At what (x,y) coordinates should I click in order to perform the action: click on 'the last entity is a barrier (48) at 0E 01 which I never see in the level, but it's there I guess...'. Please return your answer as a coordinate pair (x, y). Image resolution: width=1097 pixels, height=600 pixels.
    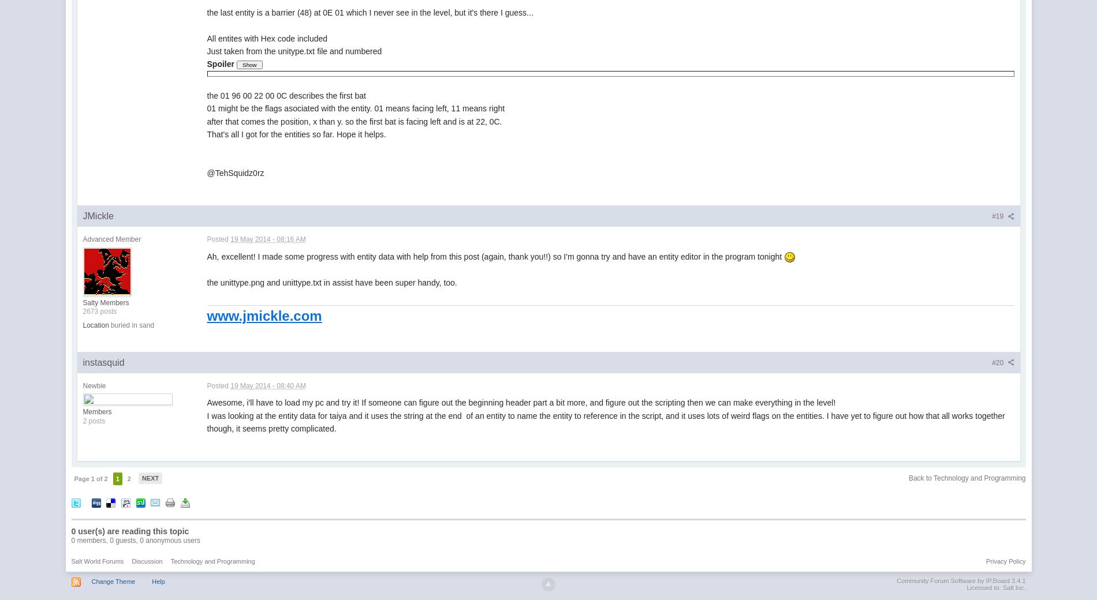
    Looking at the image, I should click on (370, 12).